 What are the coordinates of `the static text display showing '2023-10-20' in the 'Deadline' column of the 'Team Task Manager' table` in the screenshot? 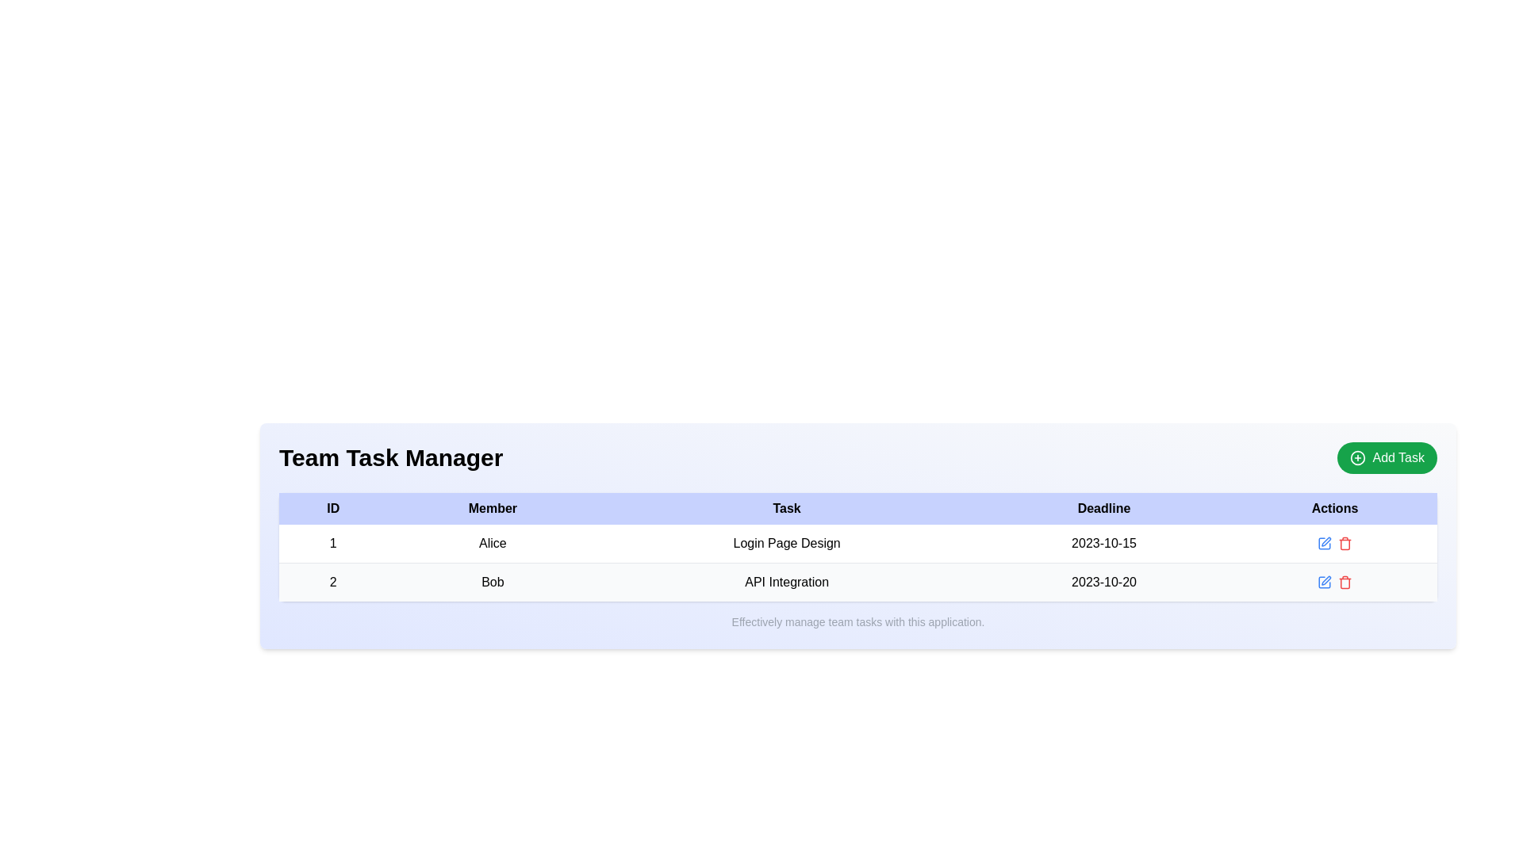 It's located at (1103, 581).